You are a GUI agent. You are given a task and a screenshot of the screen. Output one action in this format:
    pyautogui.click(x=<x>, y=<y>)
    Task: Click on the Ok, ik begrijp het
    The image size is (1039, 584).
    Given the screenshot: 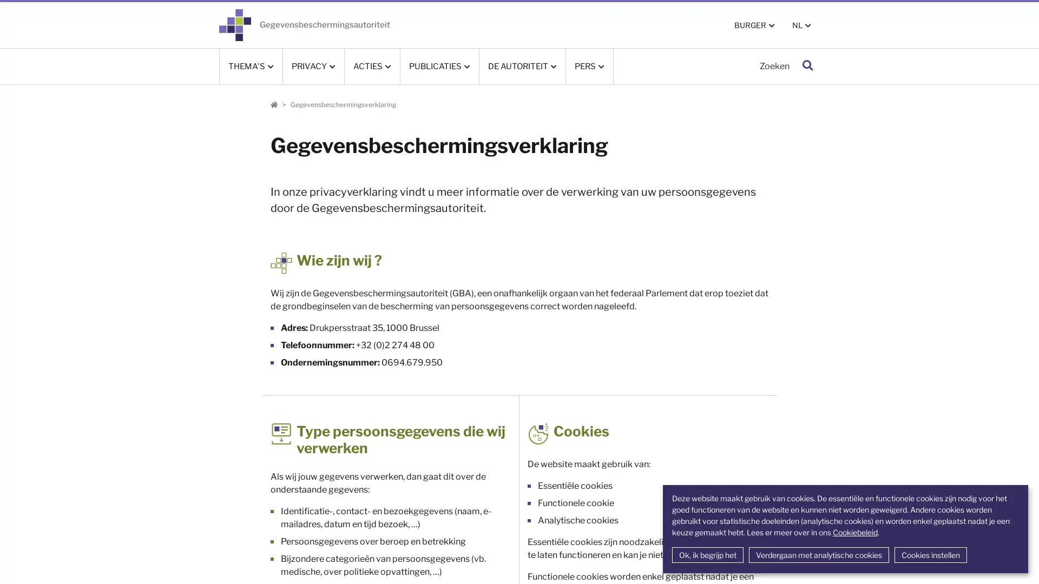 What is the action you would take?
    pyautogui.click(x=707, y=555)
    